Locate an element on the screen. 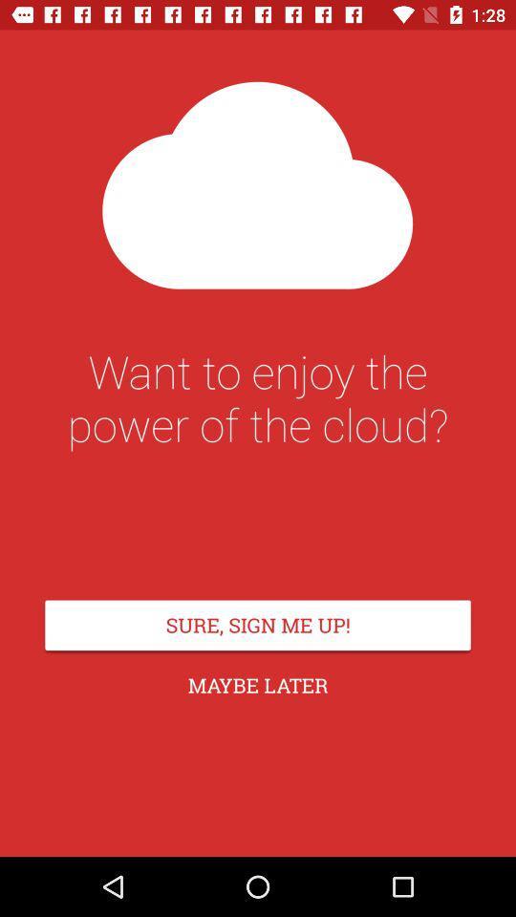  the icon above maybe later item is located at coordinates (258, 624).